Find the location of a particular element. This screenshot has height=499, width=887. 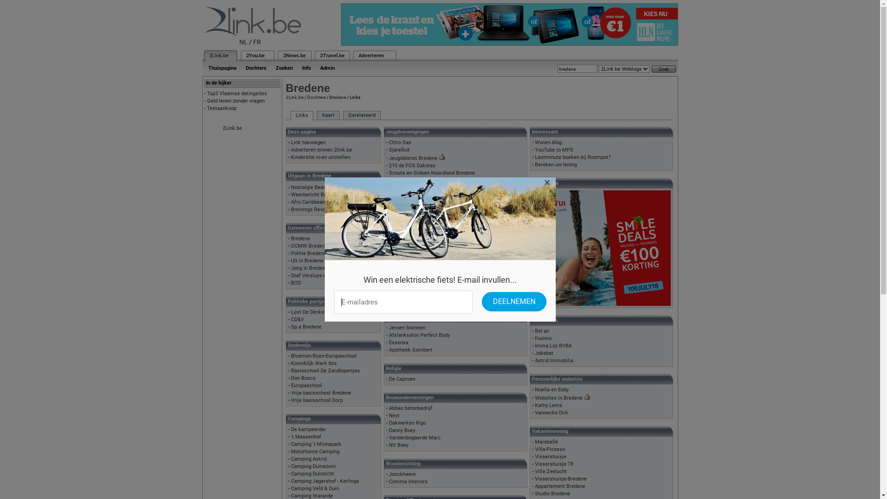

'Camping Duinezwin' is located at coordinates (313, 466).